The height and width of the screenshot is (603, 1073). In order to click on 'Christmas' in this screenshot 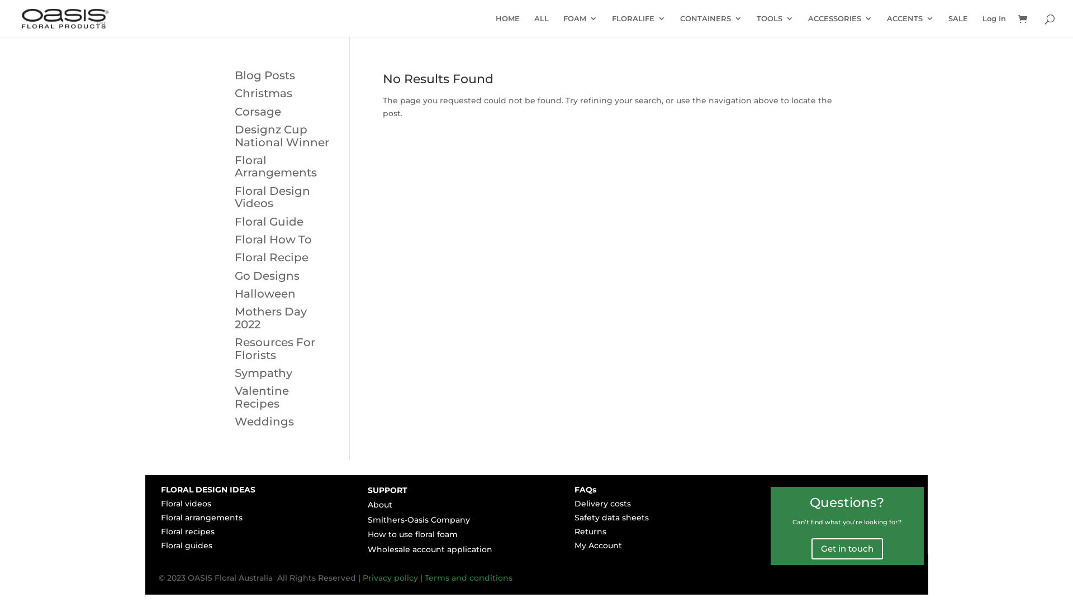, I will do `click(263, 92)`.